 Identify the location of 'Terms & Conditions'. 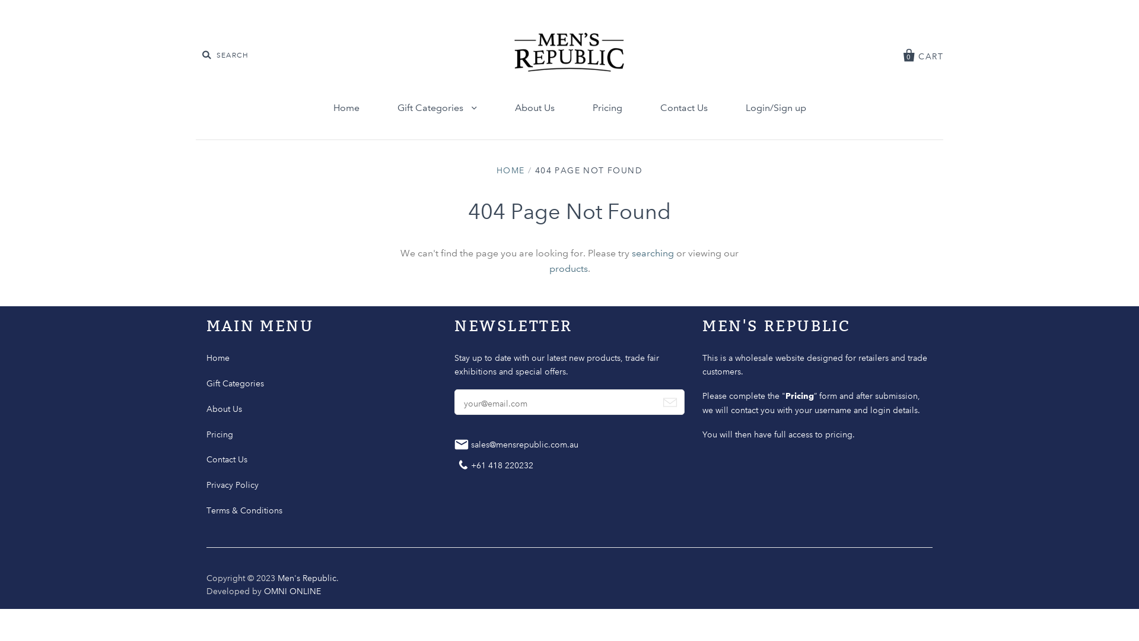
(206, 510).